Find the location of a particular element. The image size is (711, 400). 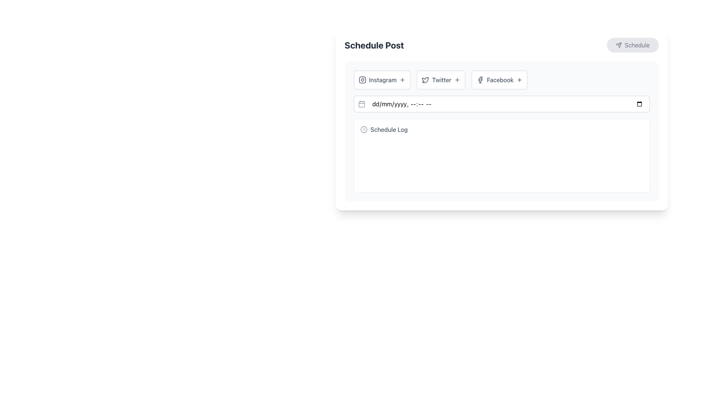

the Facebook icon that indicates adding another aspect in the scheduling process is located at coordinates (519, 80).